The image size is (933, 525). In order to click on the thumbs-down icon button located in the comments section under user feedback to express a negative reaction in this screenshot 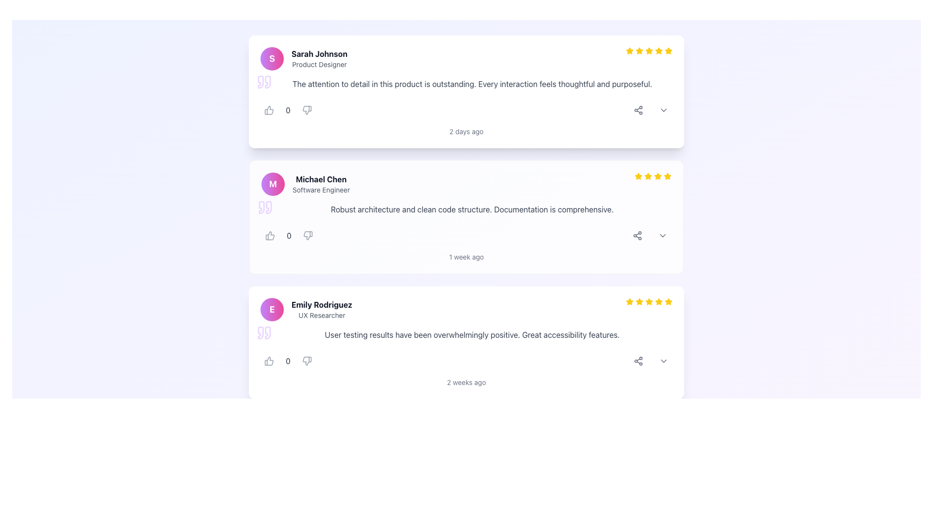, I will do `click(307, 110)`.